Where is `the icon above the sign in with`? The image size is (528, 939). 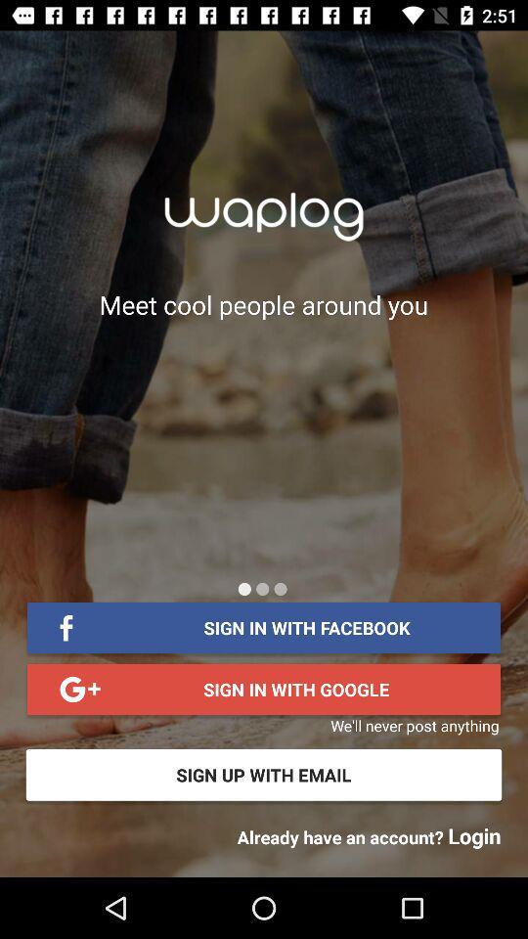
the icon above the sign in with is located at coordinates (244, 588).